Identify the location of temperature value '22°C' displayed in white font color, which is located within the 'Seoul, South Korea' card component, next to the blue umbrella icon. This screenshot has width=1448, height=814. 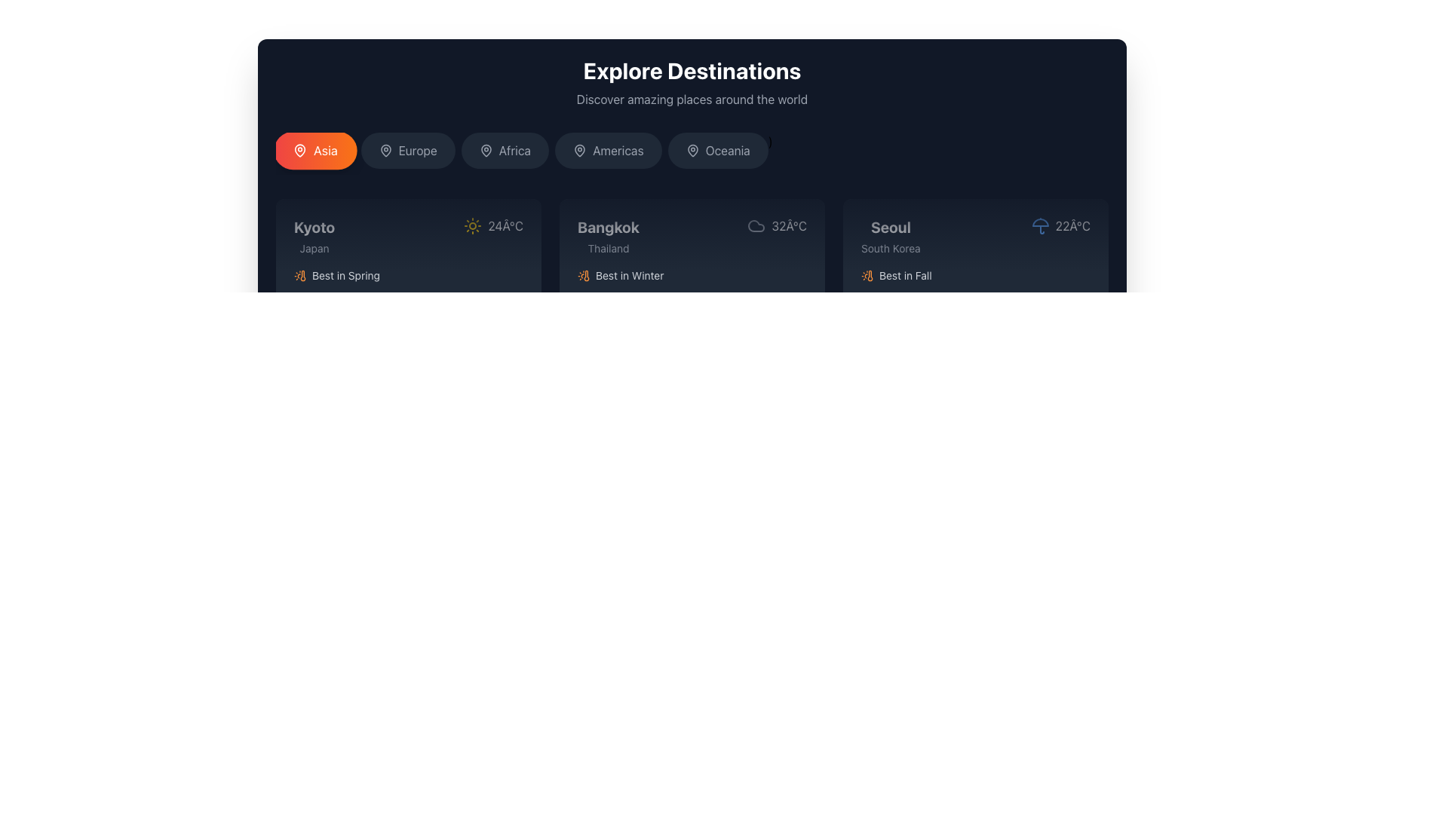
(1060, 226).